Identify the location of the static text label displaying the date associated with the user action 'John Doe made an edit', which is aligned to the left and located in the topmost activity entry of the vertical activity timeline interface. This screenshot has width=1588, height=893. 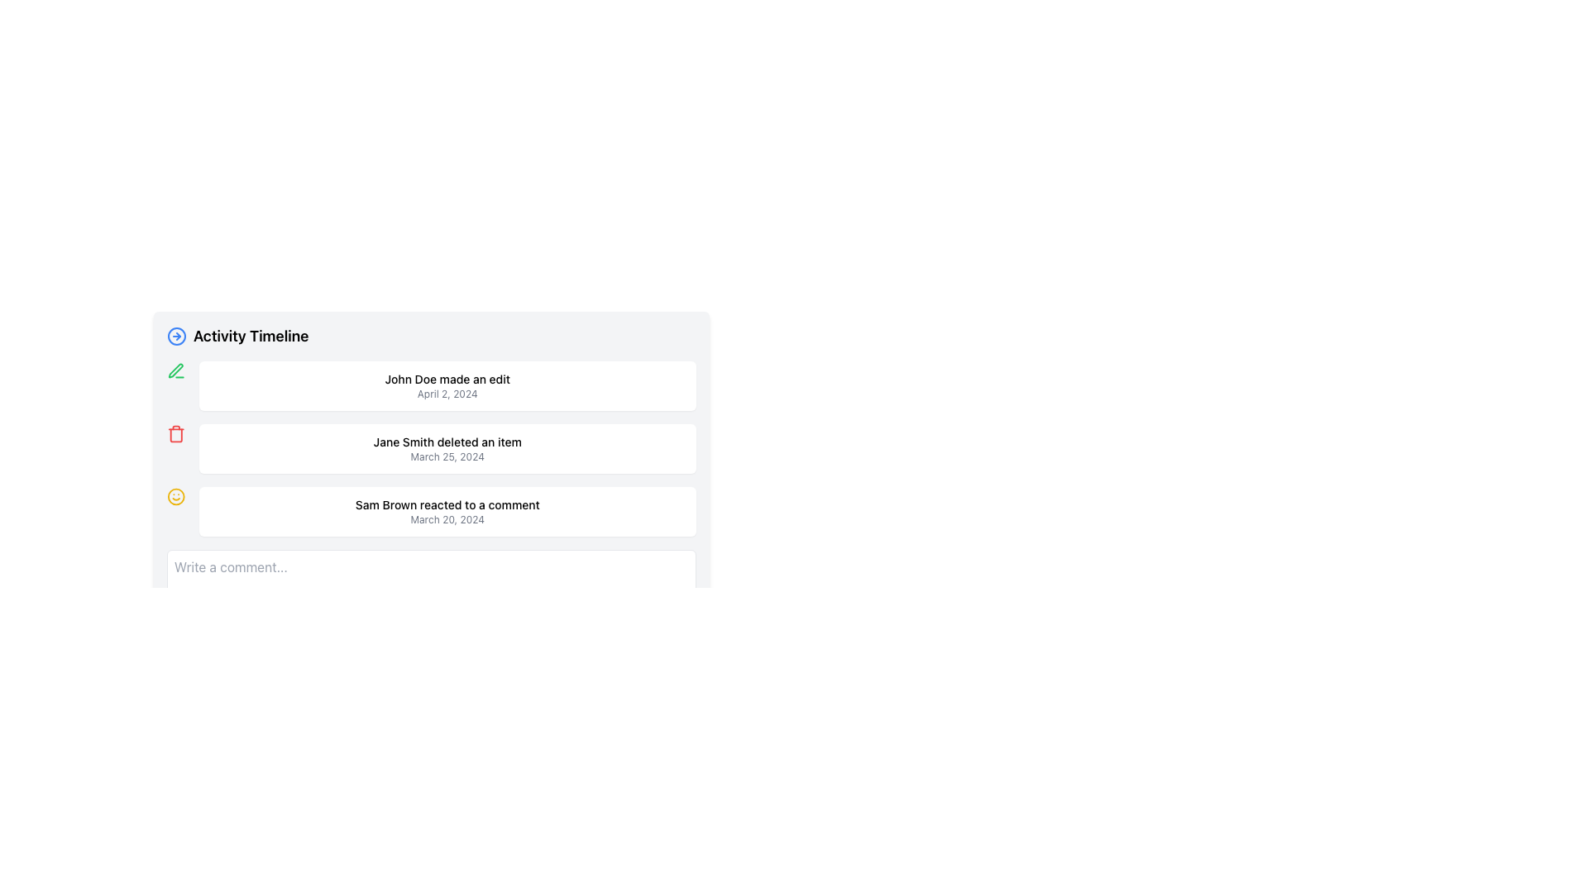
(447, 394).